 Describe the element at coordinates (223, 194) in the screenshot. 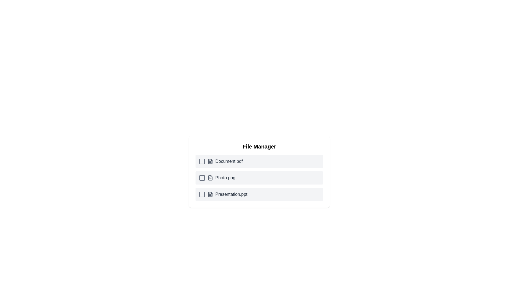

I see `the checkbox next to the file named 'Presentation.ppt'` at that location.